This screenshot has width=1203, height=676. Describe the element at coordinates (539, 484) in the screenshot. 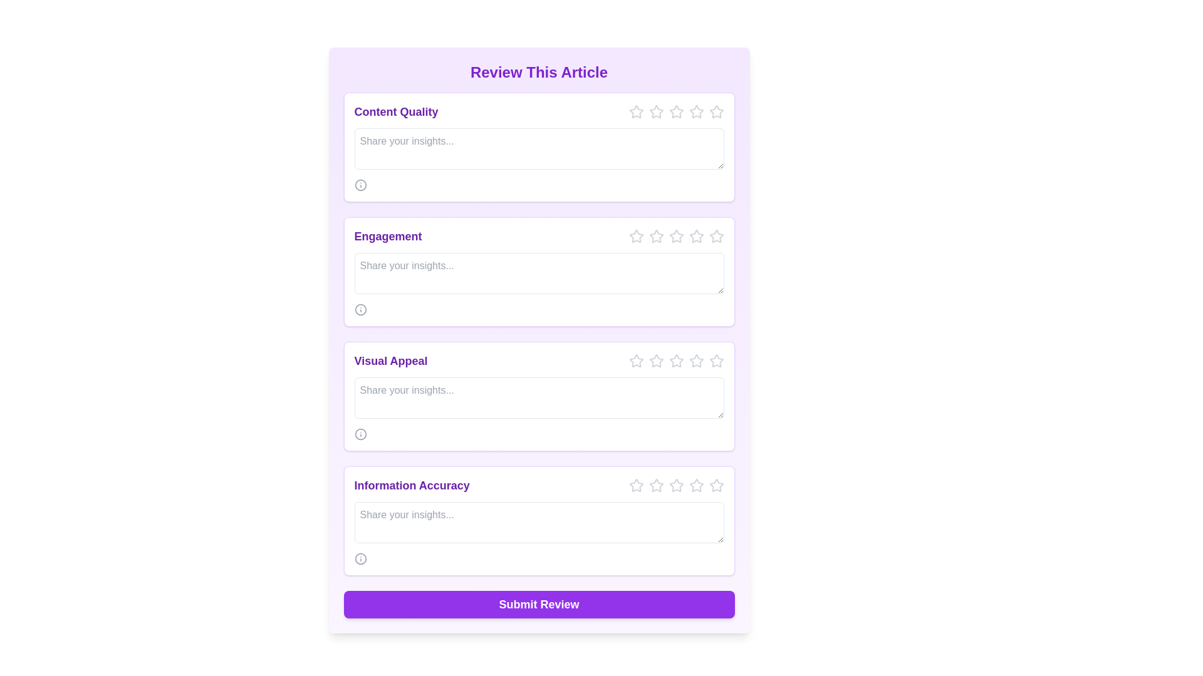

I see `one of the outlined star icons in the 'Information Accuracy' rating section` at that location.